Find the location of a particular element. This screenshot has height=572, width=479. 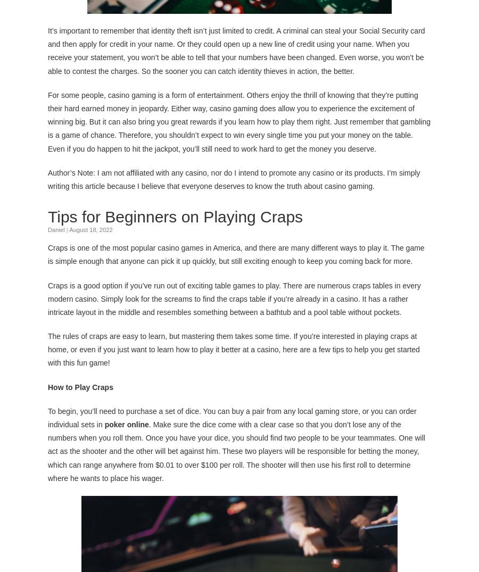

'Daniel' is located at coordinates (55, 228).